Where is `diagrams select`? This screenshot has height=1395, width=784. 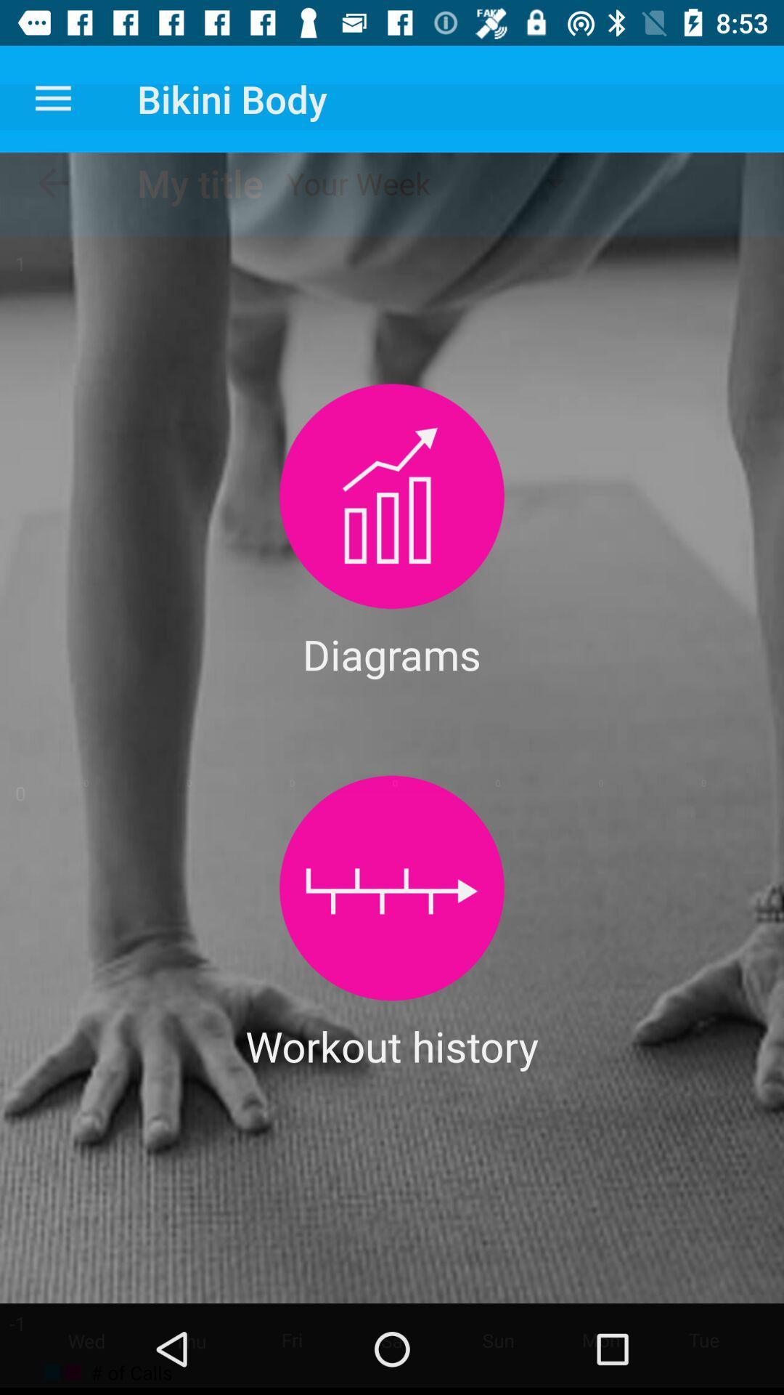 diagrams select is located at coordinates (392, 496).